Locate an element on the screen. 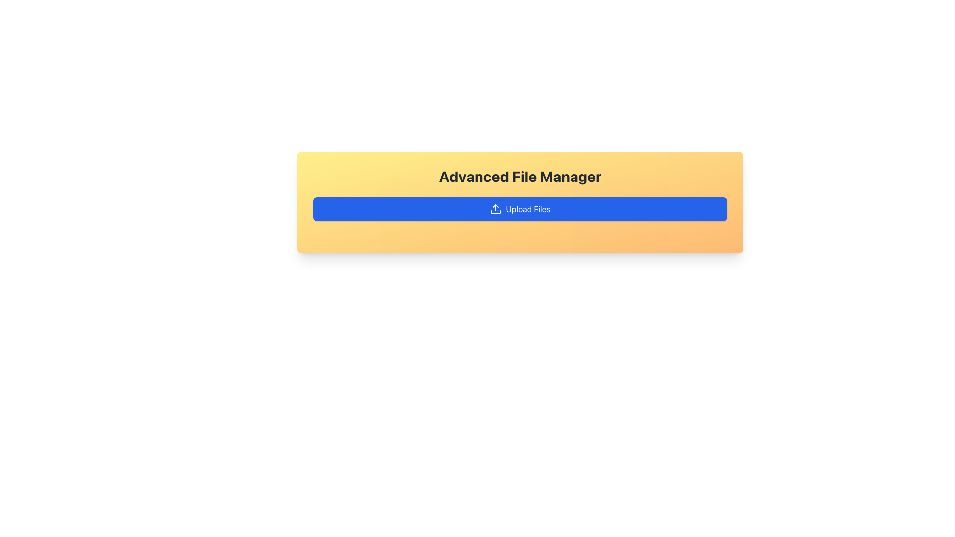 Image resolution: width=955 pixels, height=537 pixels. the 'Upload' button located below the title in the 'Advanced File Manager' card is located at coordinates (520, 208).